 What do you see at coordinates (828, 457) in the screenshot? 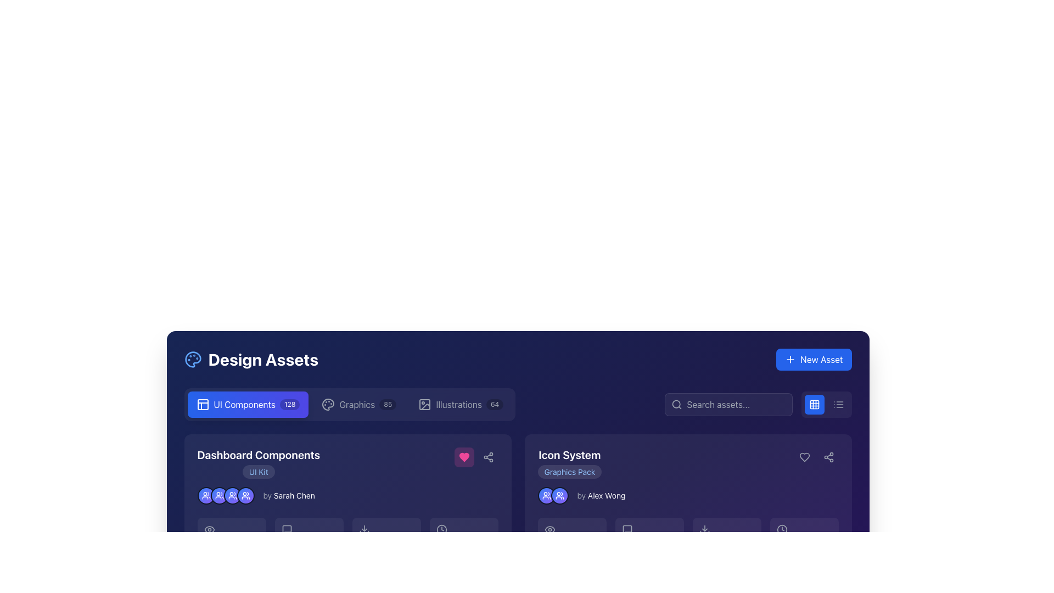
I see `the 'Share' icon located in the dark-themed card near the top-right corner, just below the section heading and to the right of the heart-shaped icon` at bounding box center [828, 457].